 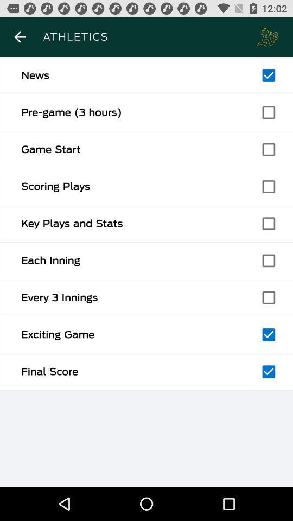 What do you see at coordinates (20, 37) in the screenshot?
I see `icon to the left of the athletics` at bounding box center [20, 37].